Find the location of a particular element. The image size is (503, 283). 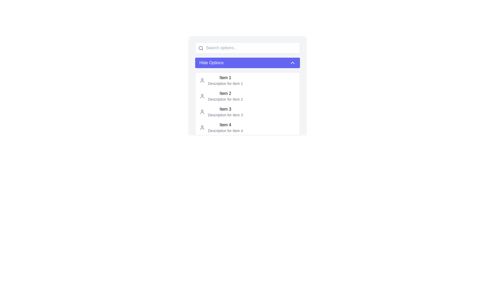

the 'Hide Options' button with a purple background and white text to prepare for interaction is located at coordinates (247, 62).